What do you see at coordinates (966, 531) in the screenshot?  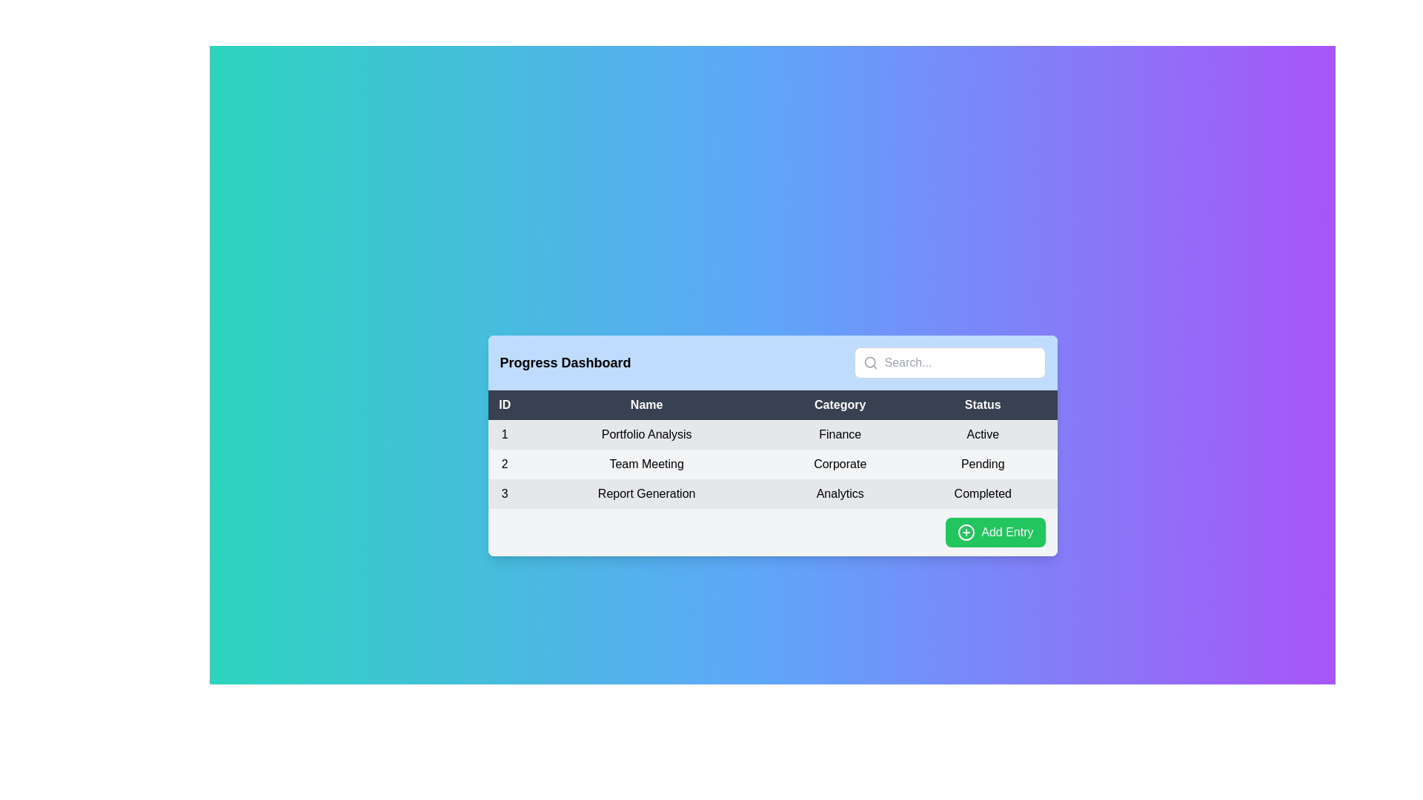 I see `the addition icon, which is a circular structure enclosing a cross symbol, located adjacent to the 'Add Entry' button at the bottom-right corner of the table` at bounding box center [966, 531].